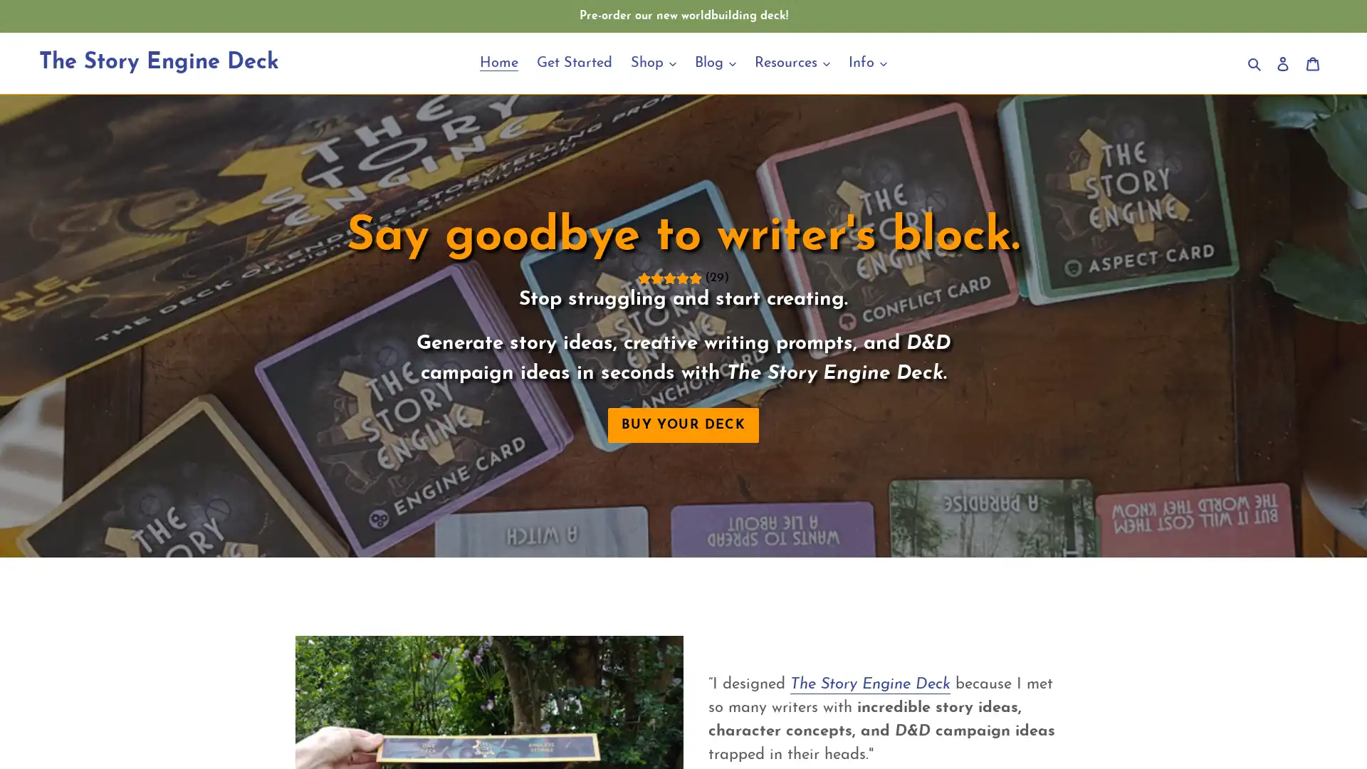 This screenshot has height=769, width=1367. Describe the element at coordinates (867, 62) in the screenshot. I see `Info` at that location.